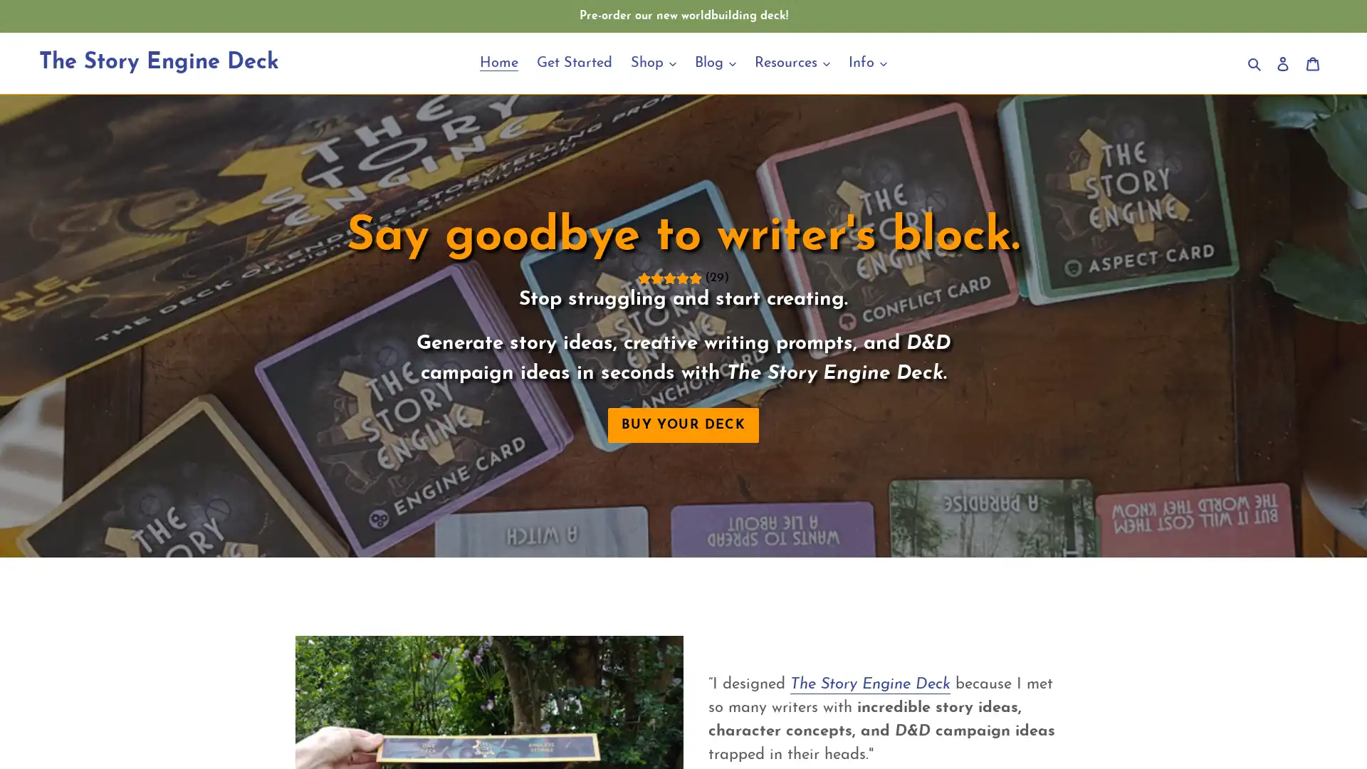 This screenshot has height=769, width=1367. Describe the element at coordinates (867, 62) in the screenshot. I see `Info` at that location.